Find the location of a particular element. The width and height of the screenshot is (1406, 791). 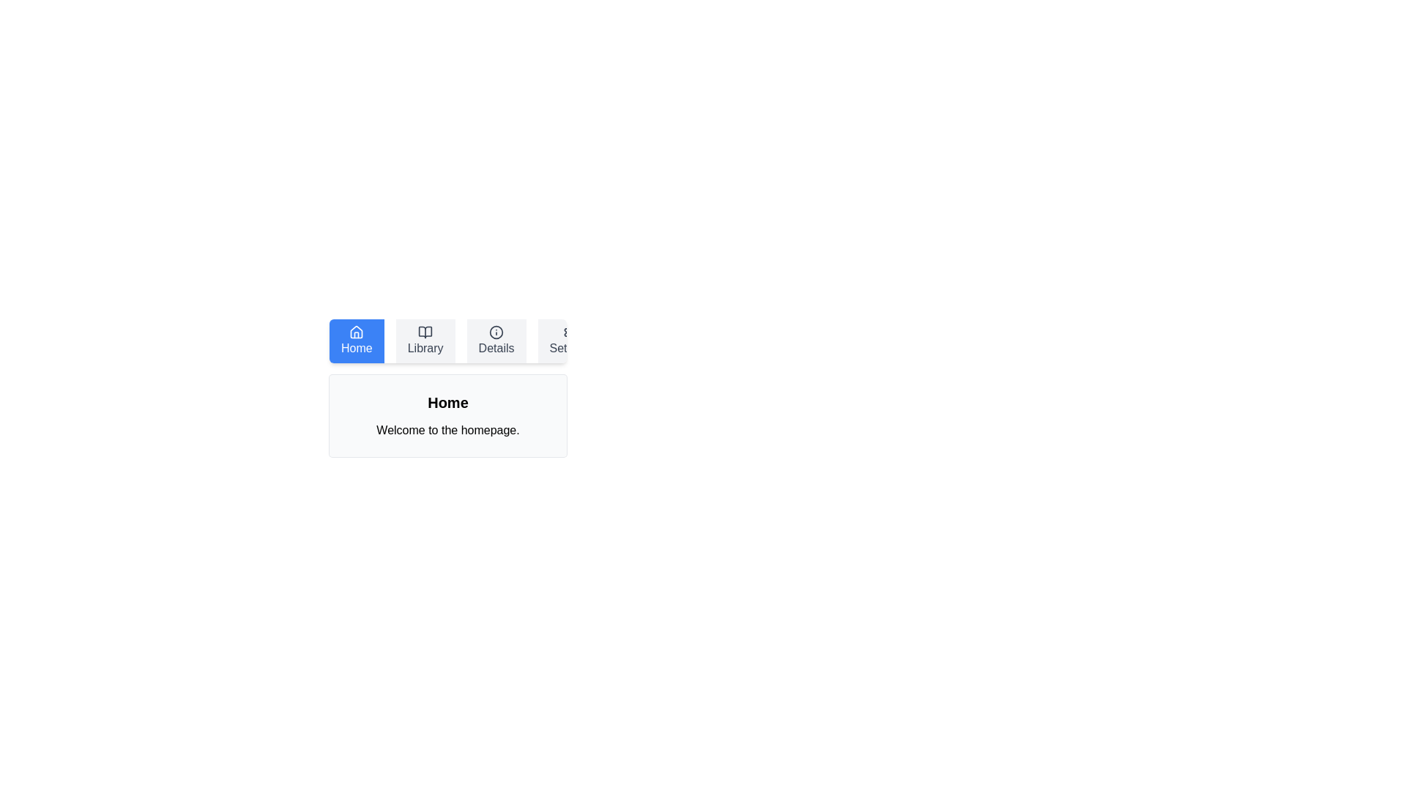

the Home tab to view its content is located at coordinates (357, 341).